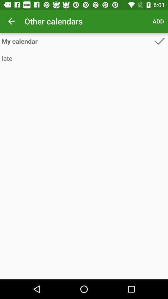 The image size is (168, 299). I want to click on the item below the my calendar item, so click(84, 58).